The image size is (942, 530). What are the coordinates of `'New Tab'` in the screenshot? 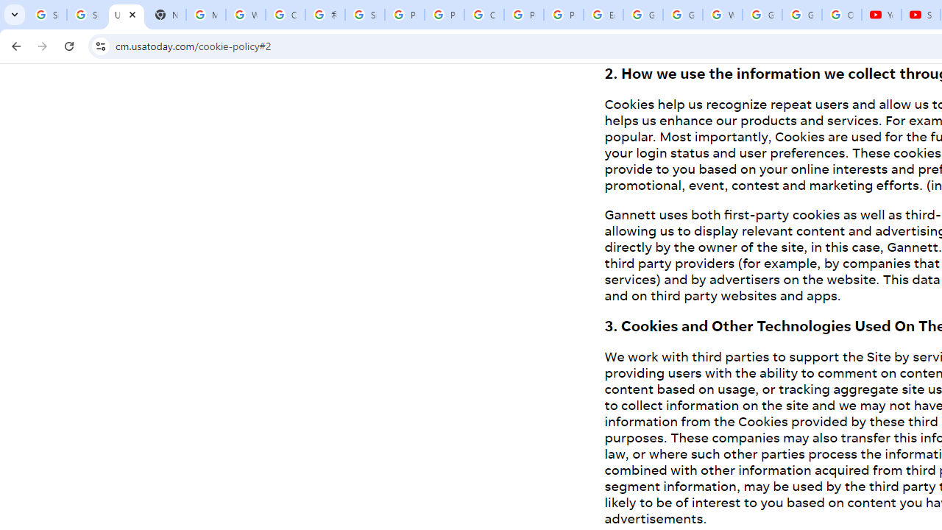 It's located at (166, 15).